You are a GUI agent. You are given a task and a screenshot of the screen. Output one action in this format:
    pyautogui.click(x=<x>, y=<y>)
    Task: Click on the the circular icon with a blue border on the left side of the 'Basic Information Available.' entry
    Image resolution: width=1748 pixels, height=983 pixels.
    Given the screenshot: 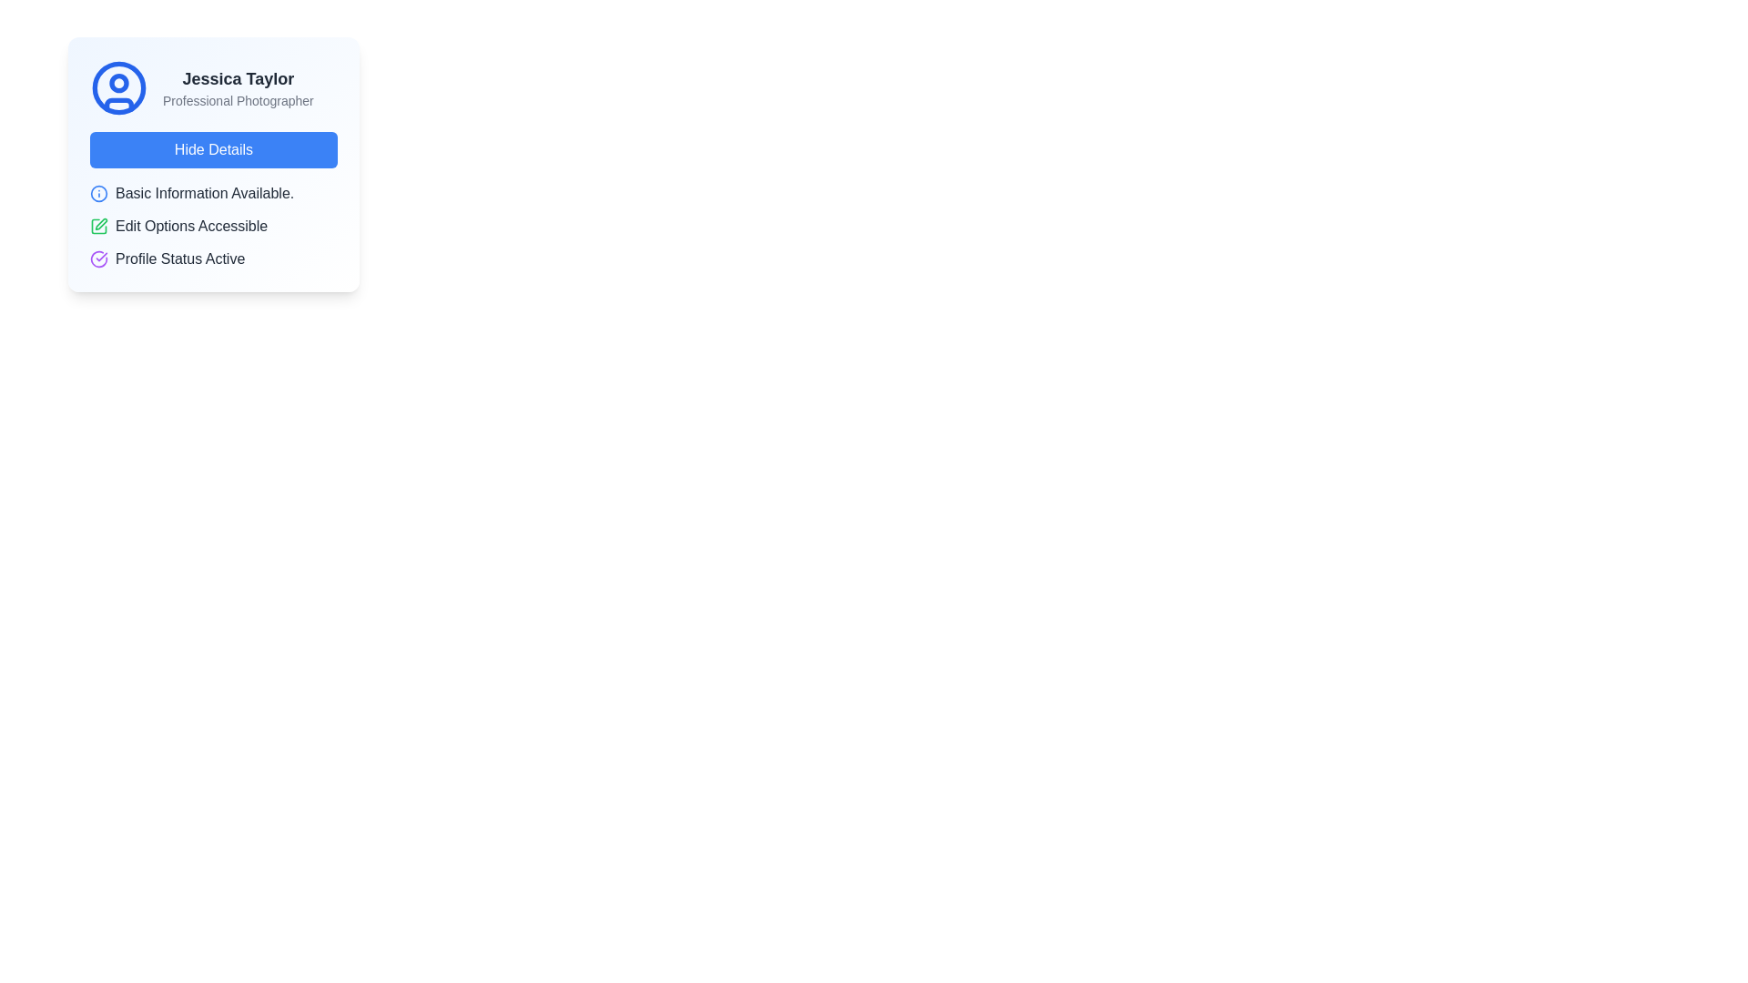 What is the action you would take?
    pyautogui.click(x=98, y=193)
    